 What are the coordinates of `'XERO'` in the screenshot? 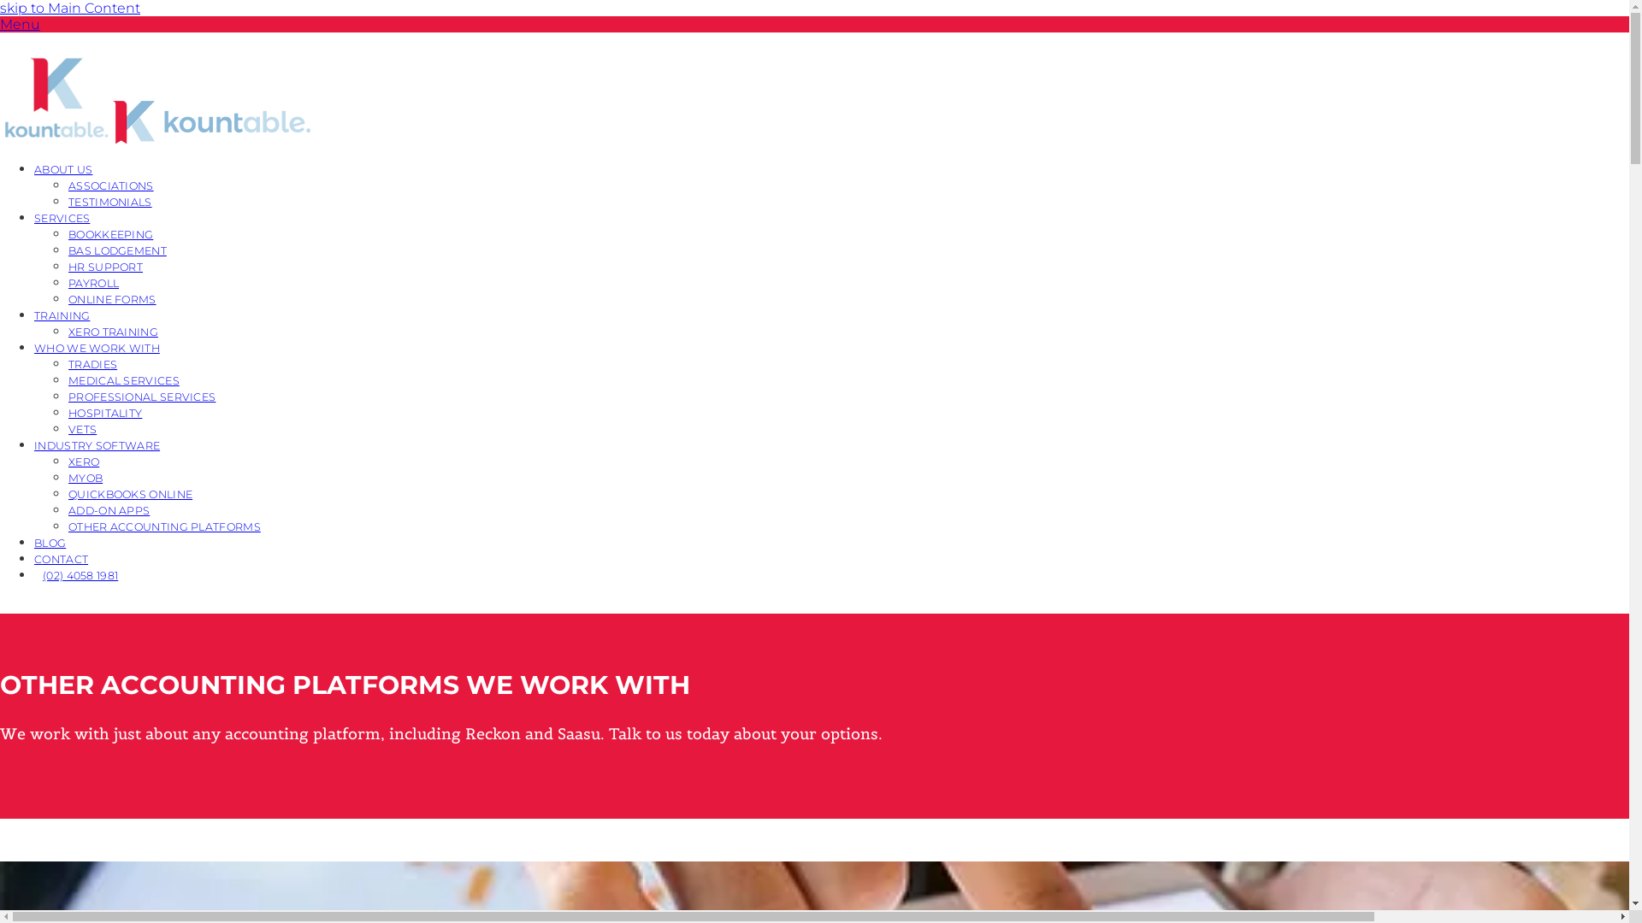 It's located at (82, 460).